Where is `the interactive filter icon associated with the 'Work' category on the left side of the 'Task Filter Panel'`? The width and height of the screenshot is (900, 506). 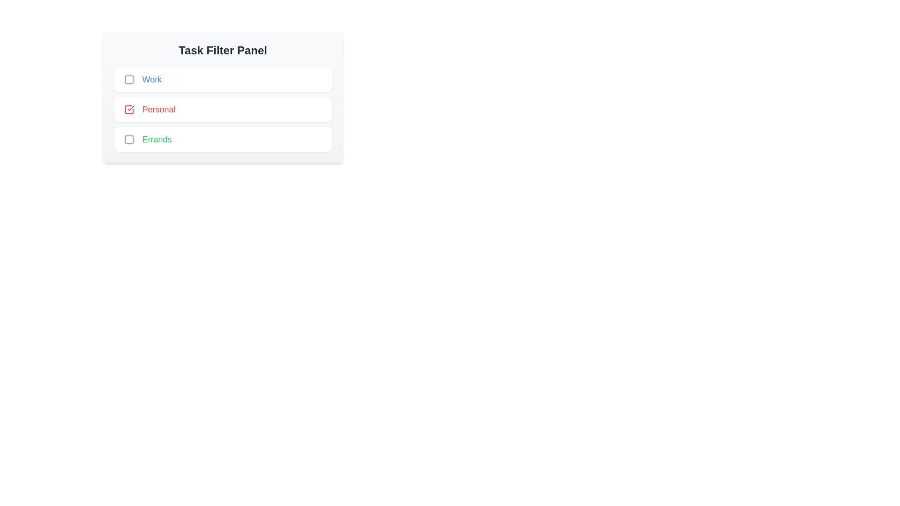
the interactive filter icon associated with the 'Work' category on the left side of the 'Task Filter Panel' is located at coordinates (128, 79).